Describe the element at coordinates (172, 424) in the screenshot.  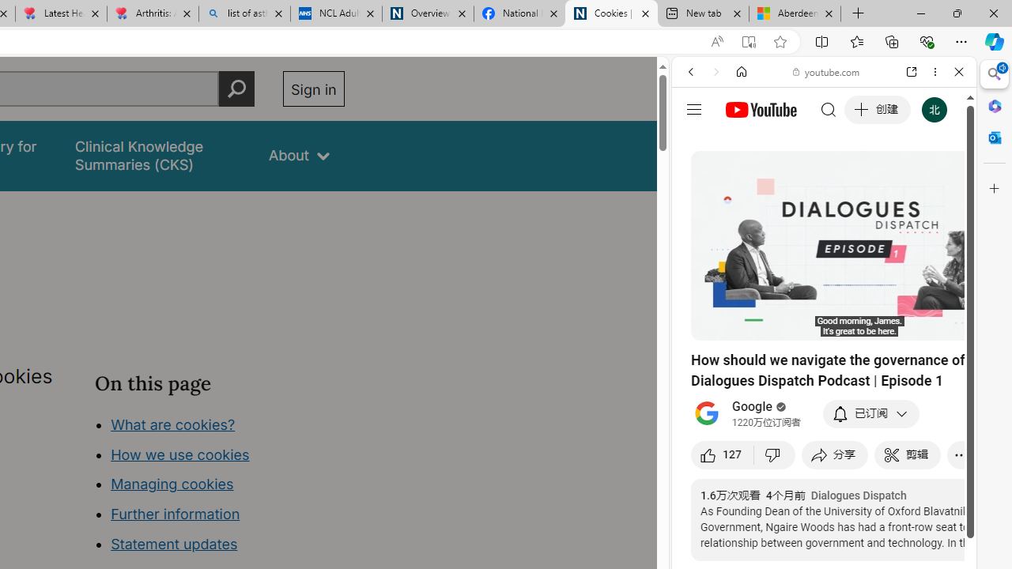
I see `'What are cookies?'` at that location.